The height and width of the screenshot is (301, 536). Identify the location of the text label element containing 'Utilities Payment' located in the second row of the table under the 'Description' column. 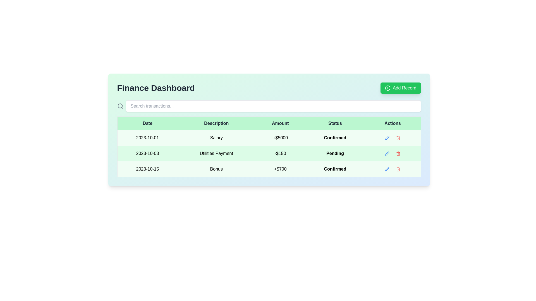
(216, 154).